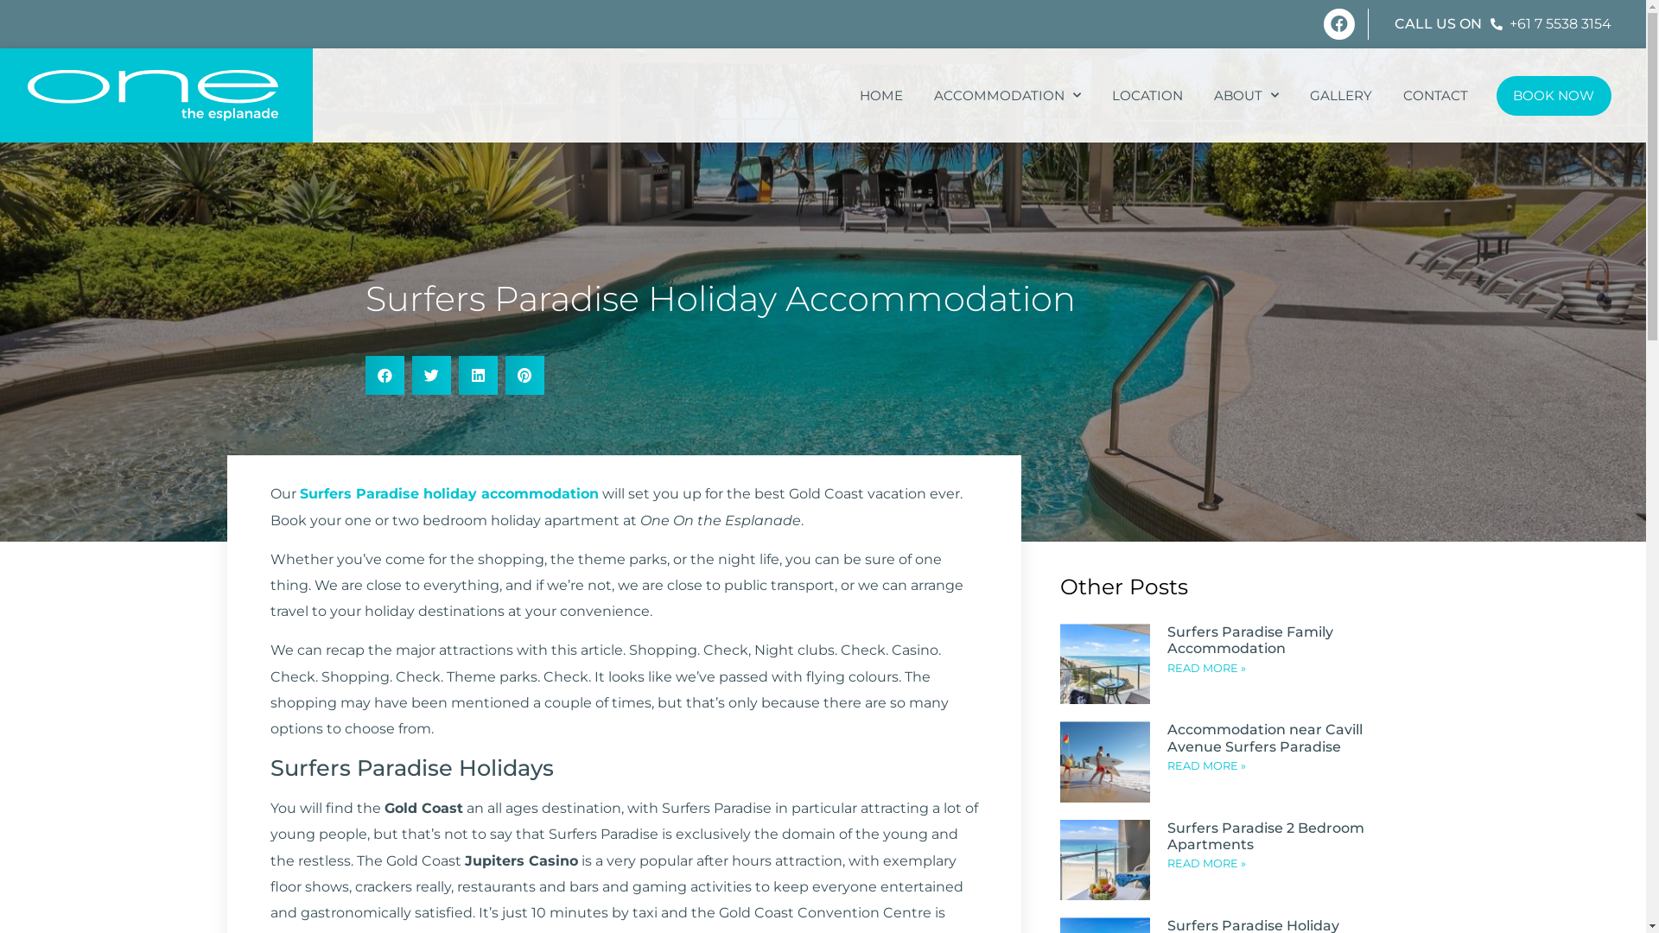  I want to click on 'ACCOMMODATION', so click(916, 96).